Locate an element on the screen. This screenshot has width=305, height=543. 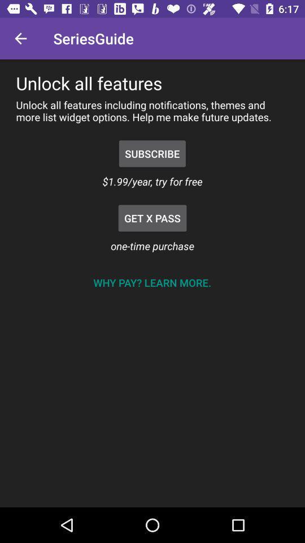
icon to the left of the seriesguide item is located at coordinates (20, 38).